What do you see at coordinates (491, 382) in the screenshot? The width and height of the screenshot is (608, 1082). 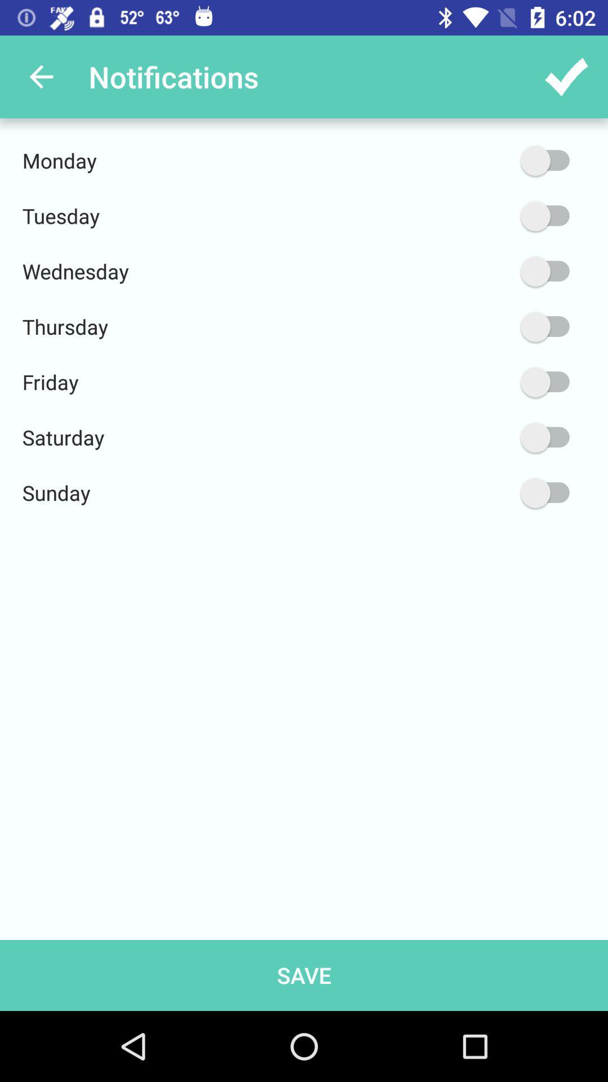 I see `the friday option` at bounding box center [491, 382].